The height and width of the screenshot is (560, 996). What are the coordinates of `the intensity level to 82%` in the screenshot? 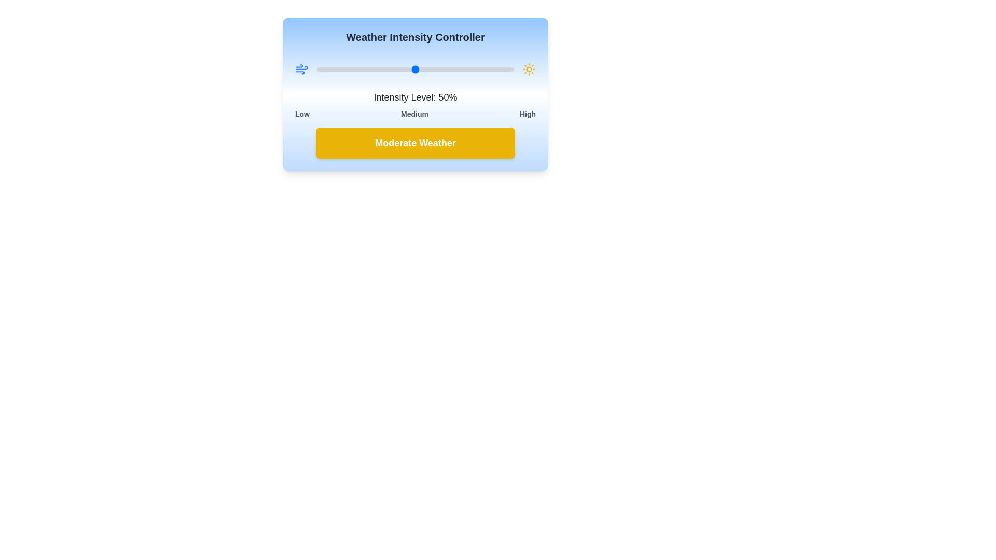 It's located at (478, 69).